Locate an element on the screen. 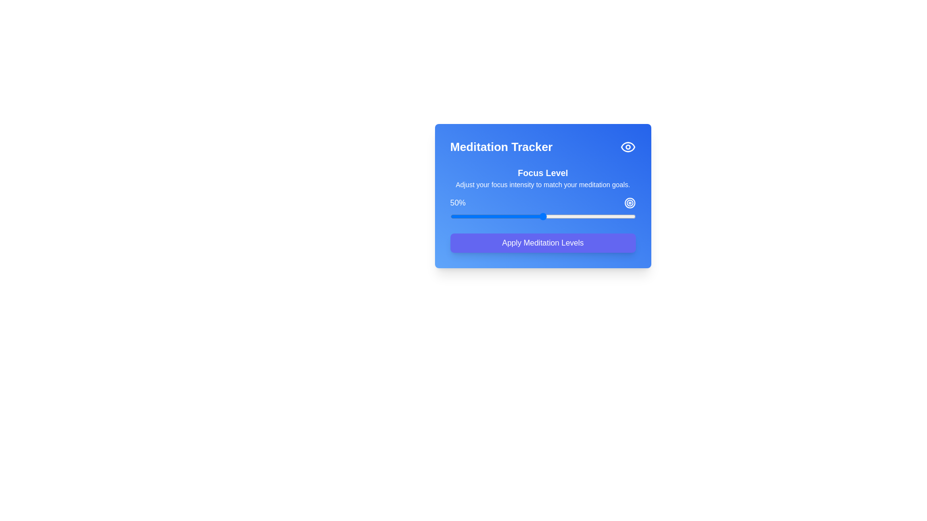 Image resolution: width=927 pixels, height=521 pixels. the button within the Interactive card with nested controls to confirm the settings for meditation level adjustments is located at coordinates (543, 195).